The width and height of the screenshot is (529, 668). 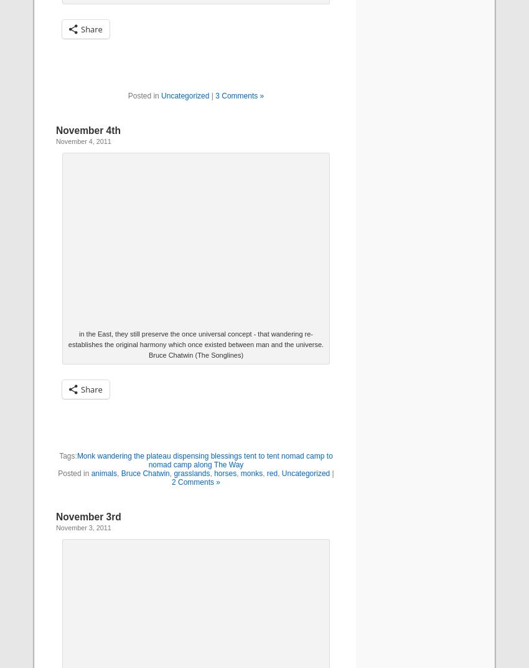 I want to click on 'monks', so click(x=251, y=474).